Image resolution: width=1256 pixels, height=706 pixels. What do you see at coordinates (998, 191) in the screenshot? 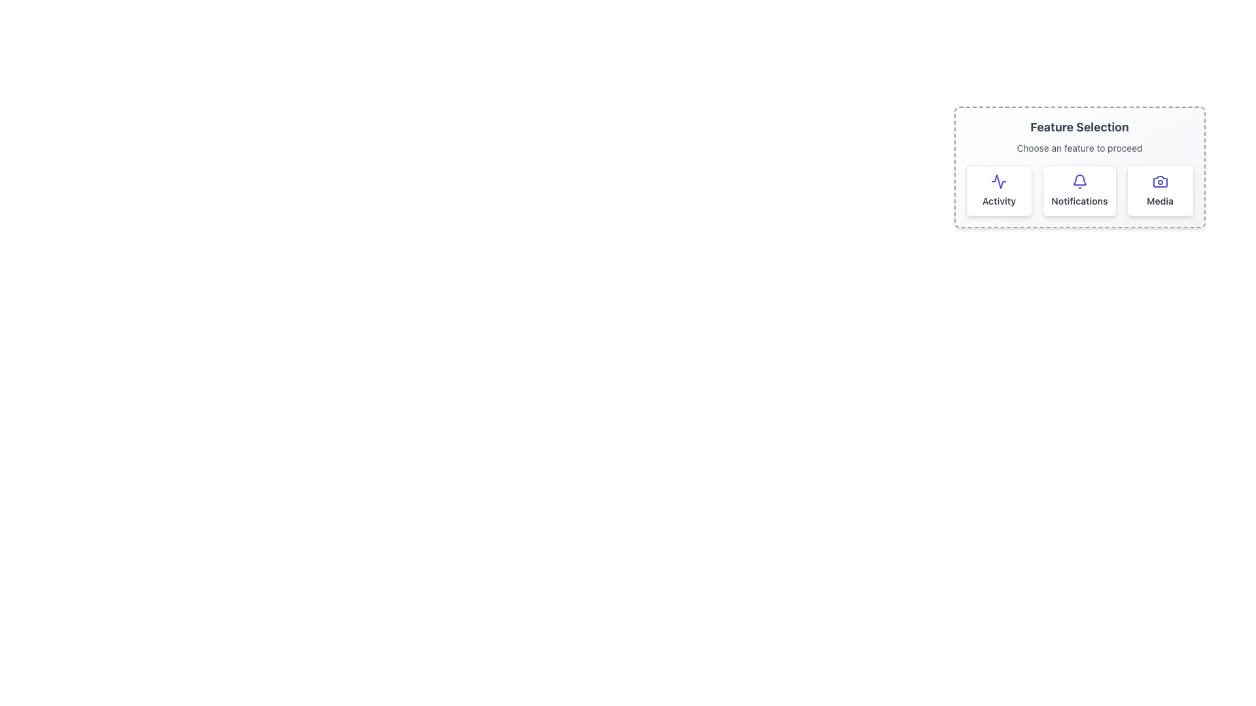
I see `the 'Activity' button located at the top left corner of the menu` at bounding box center [998, 191].